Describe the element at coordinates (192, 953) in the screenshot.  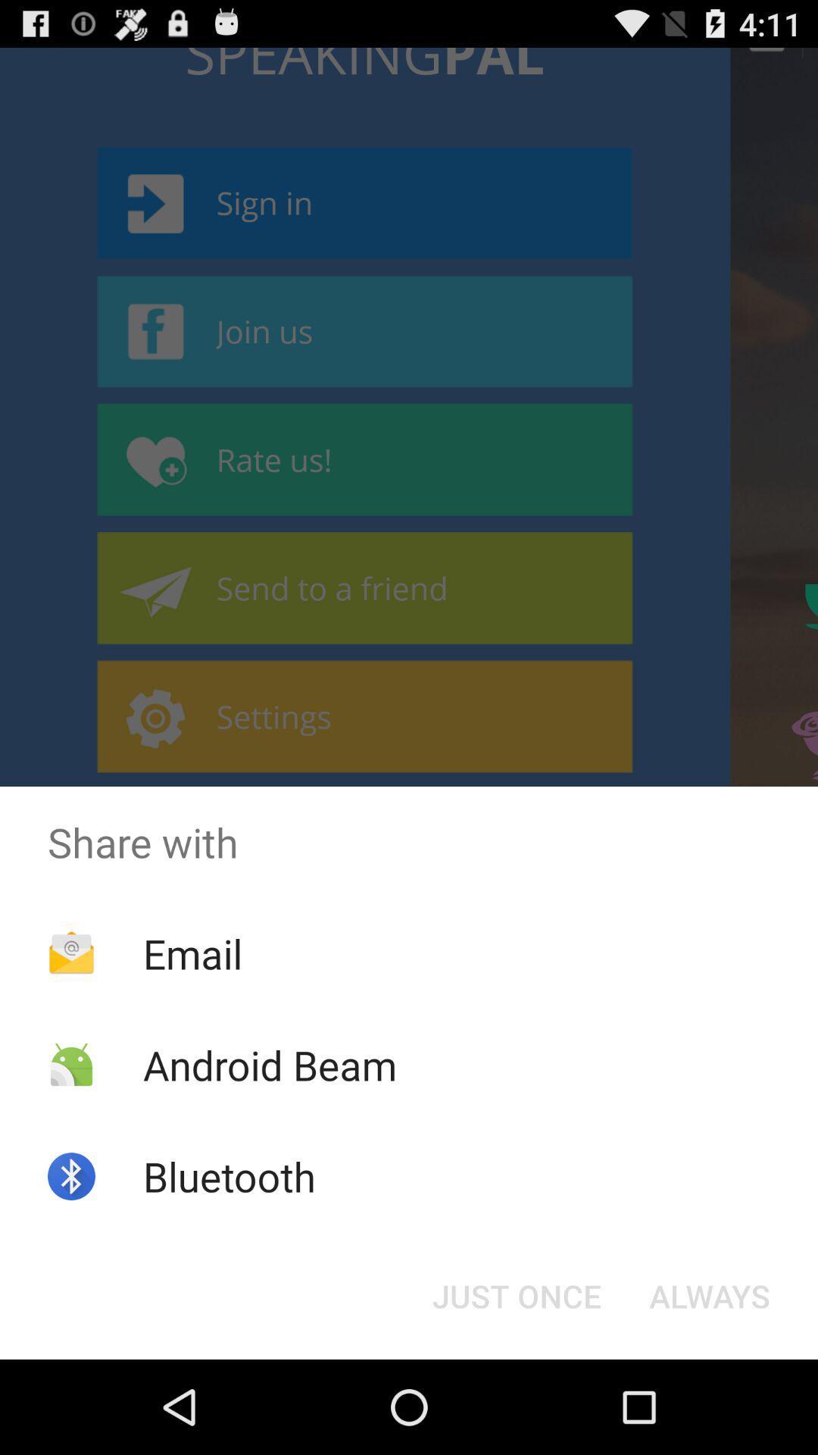
I see `the app above android beam app` at that location.